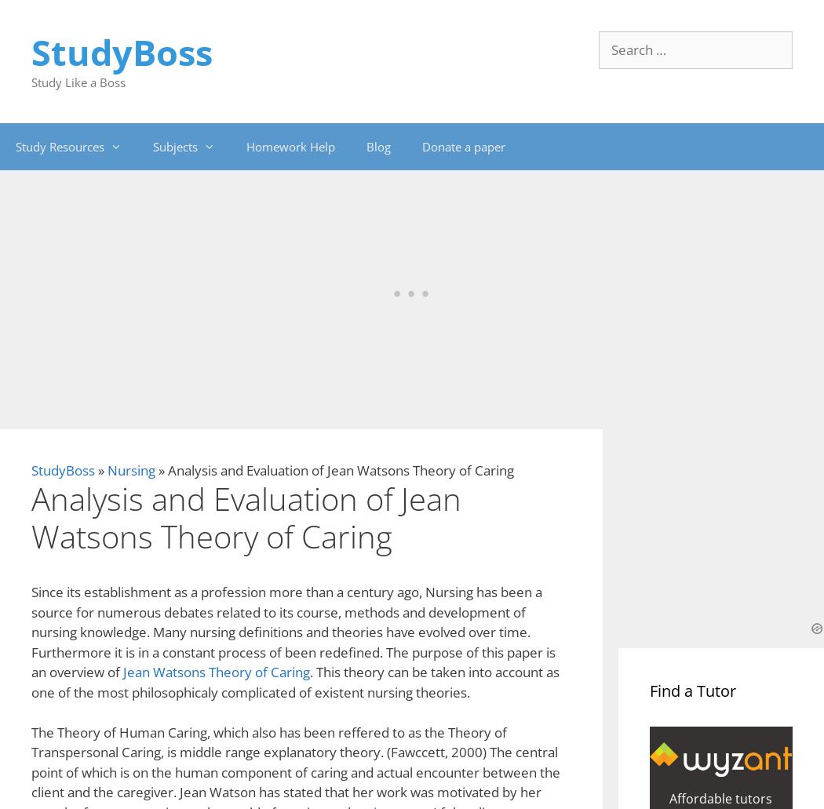 The width and height of the screenshot is (824, 809). I want to click on 'Anonymous Perpetrator Commits Mass Murder By Jean Rostand Analysis Essay', so click(71, 767).